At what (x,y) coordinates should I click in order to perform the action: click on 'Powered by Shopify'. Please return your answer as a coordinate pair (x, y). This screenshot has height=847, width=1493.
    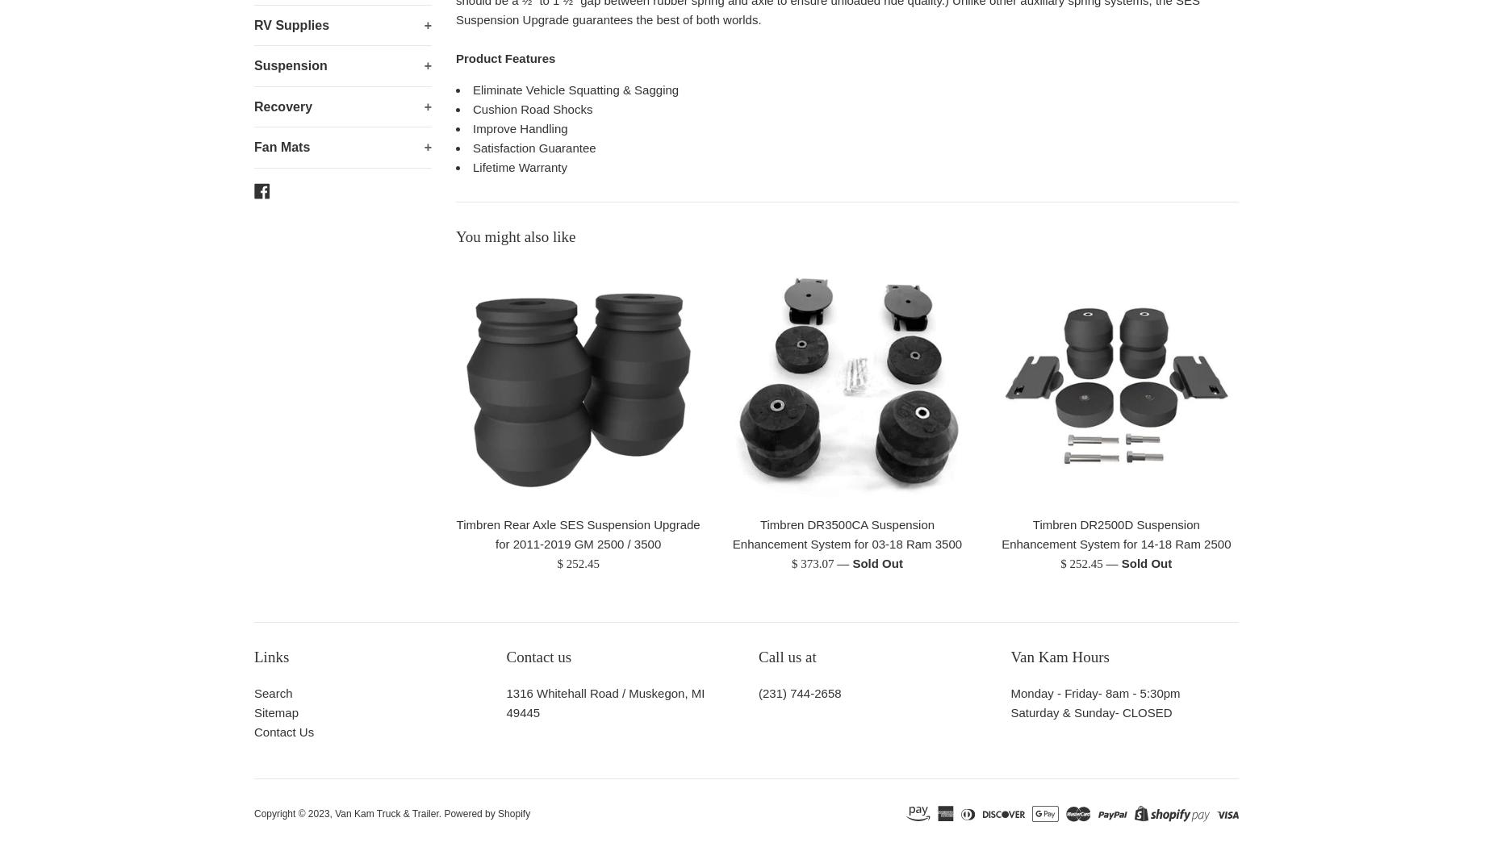
    Looking at the image, I should click on (487, 814).